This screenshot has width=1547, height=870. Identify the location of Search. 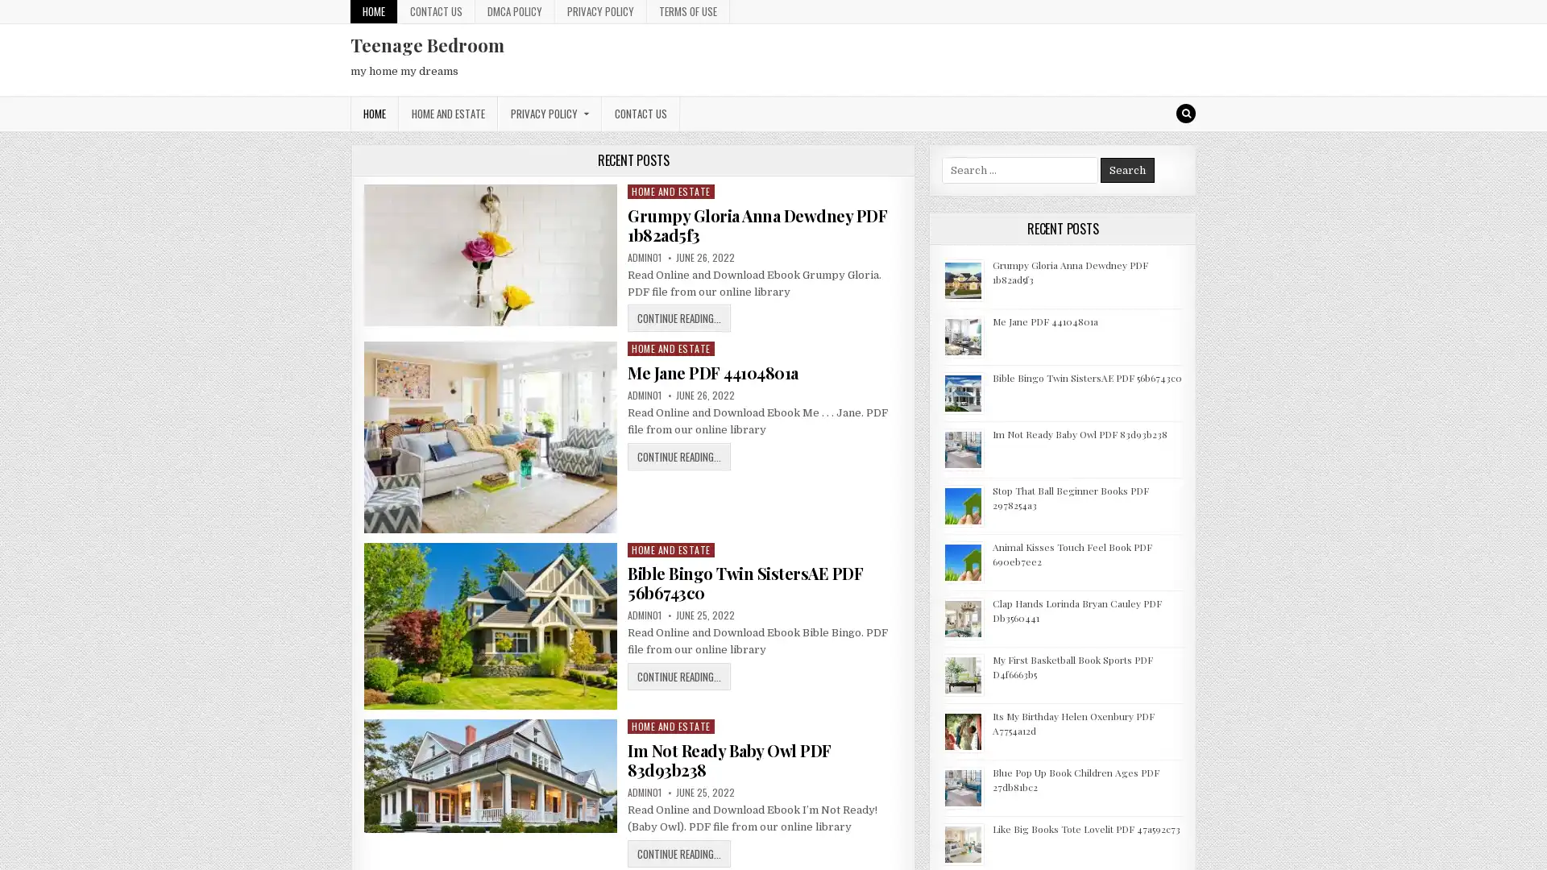
(1126, 170).